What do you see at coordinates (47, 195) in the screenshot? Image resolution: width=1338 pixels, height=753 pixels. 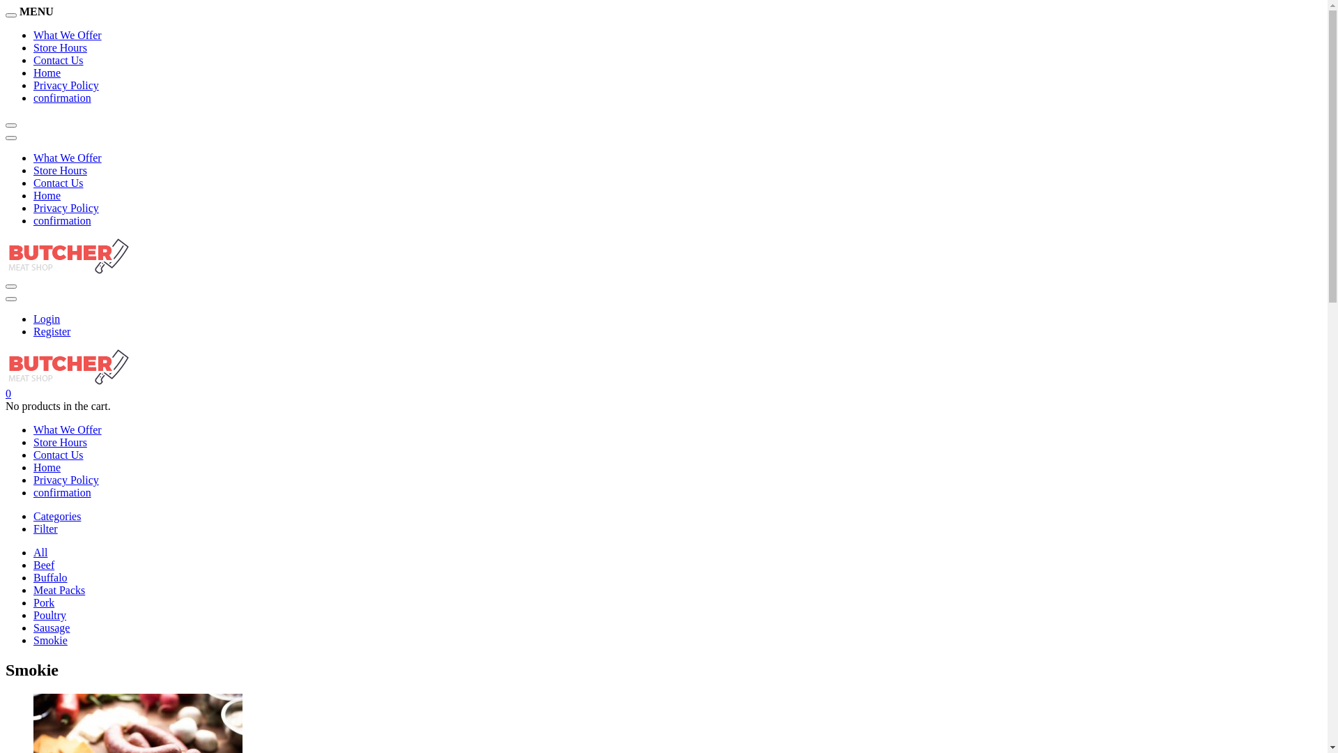 I see `'Home'` at bounding box center [47, 195].